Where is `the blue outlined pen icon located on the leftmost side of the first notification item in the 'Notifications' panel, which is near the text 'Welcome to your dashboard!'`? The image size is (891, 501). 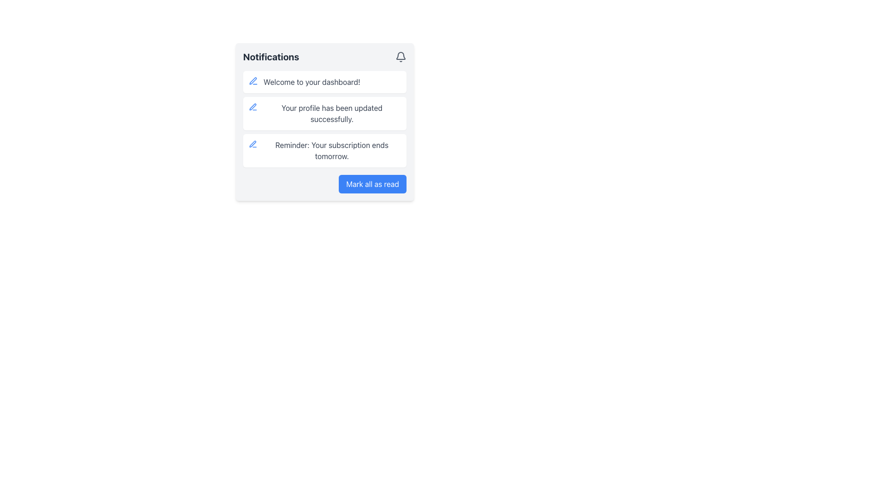
the blue outlined pen icon located on the leftmost side of the first notification item in the 'Notifications' panel, which is near the text 'Welcome to your dashboard!' is located at coordinates (253, 80).